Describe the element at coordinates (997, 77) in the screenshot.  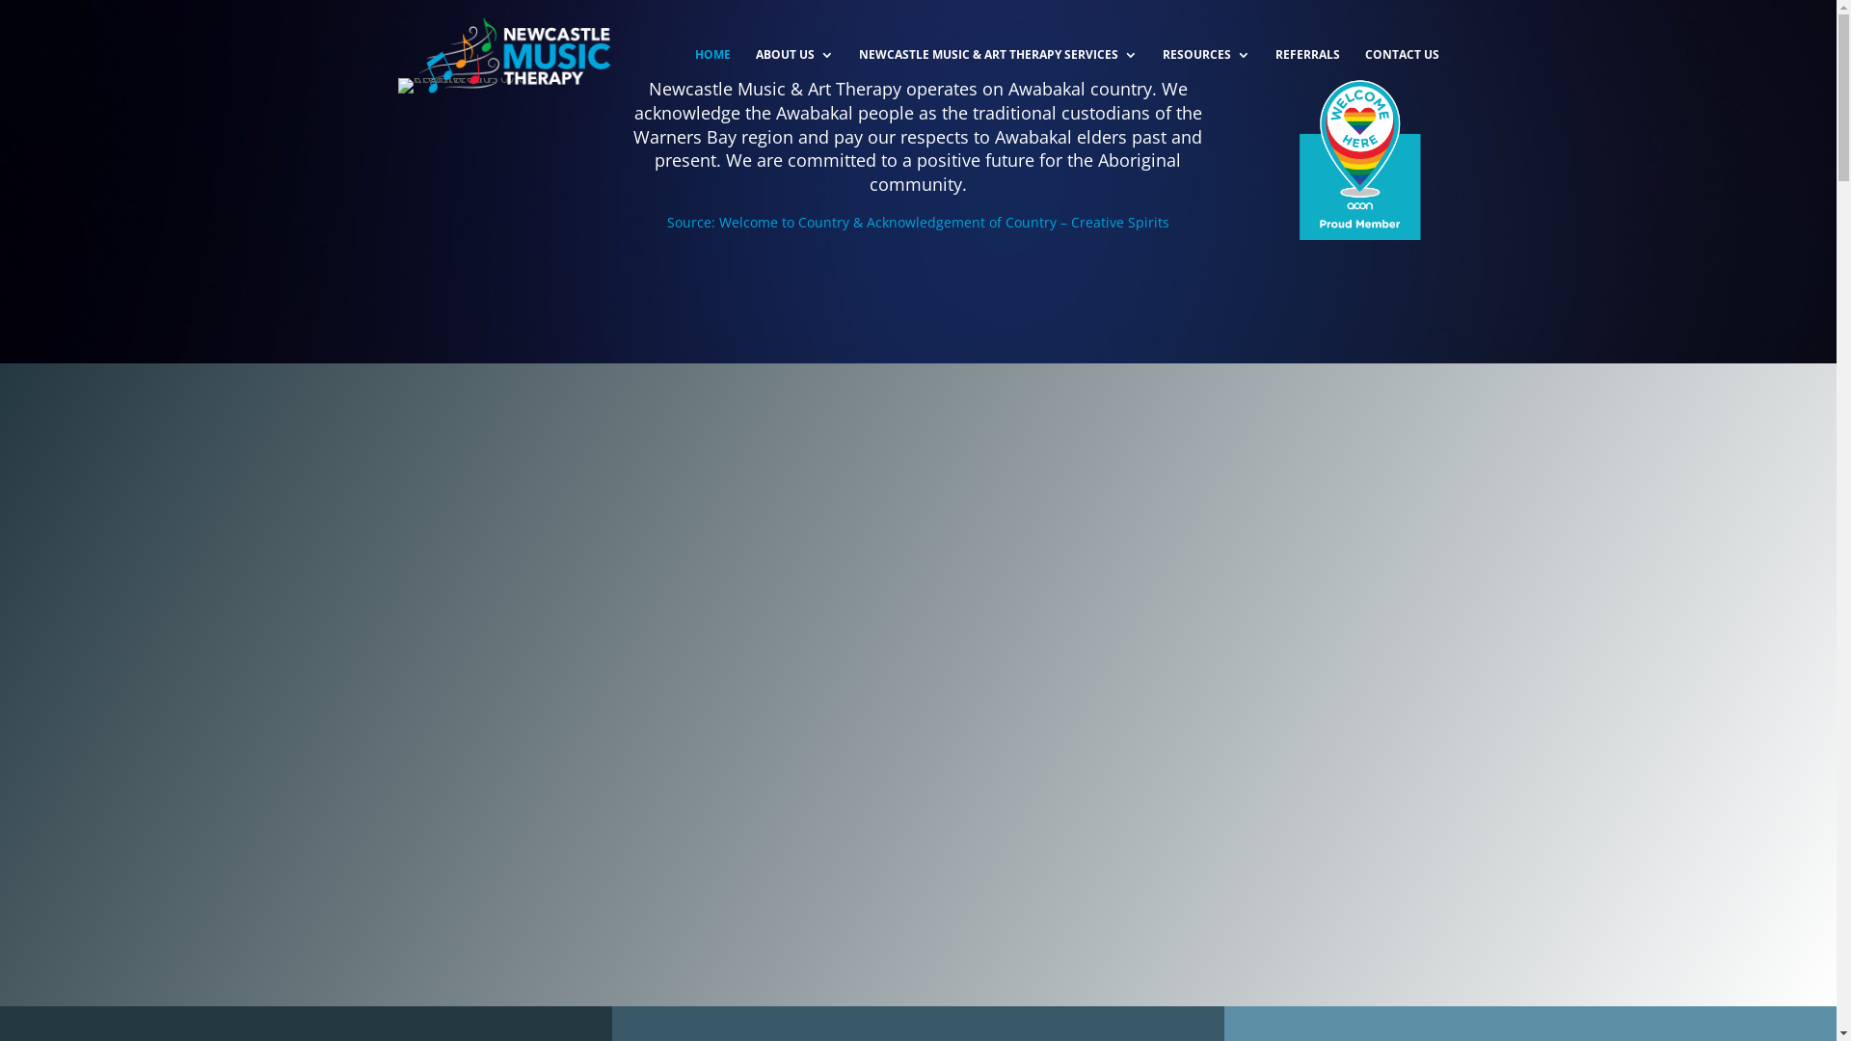
I see `'NEWCASTLE MUSIC & ART THERAPY SERVICES'` at that location.